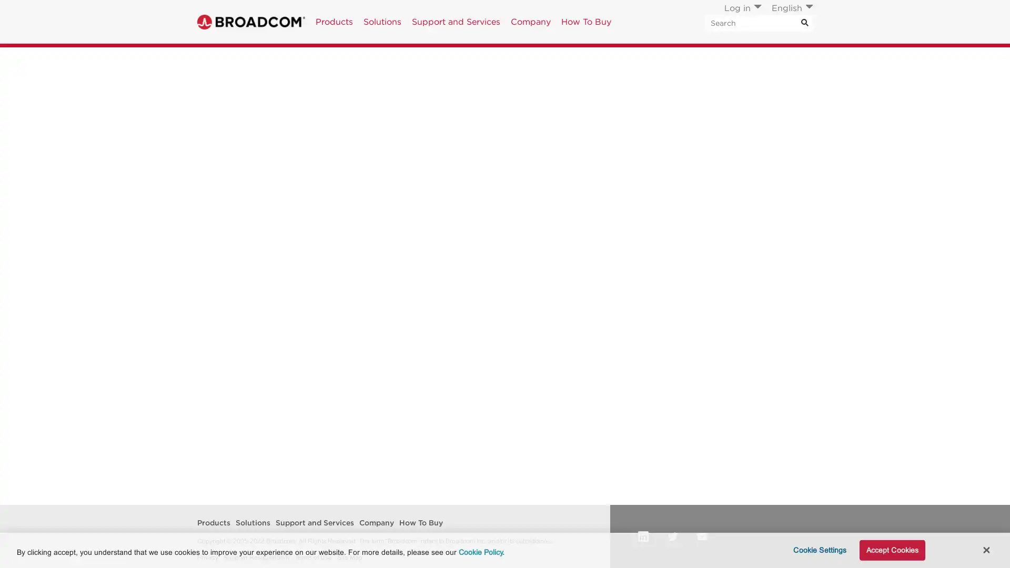 Image resolution: width=1010 pixels, height=568 pixels. Describe the element at coordinates (530, 22) in the screenshot. I see `Company` at that location.